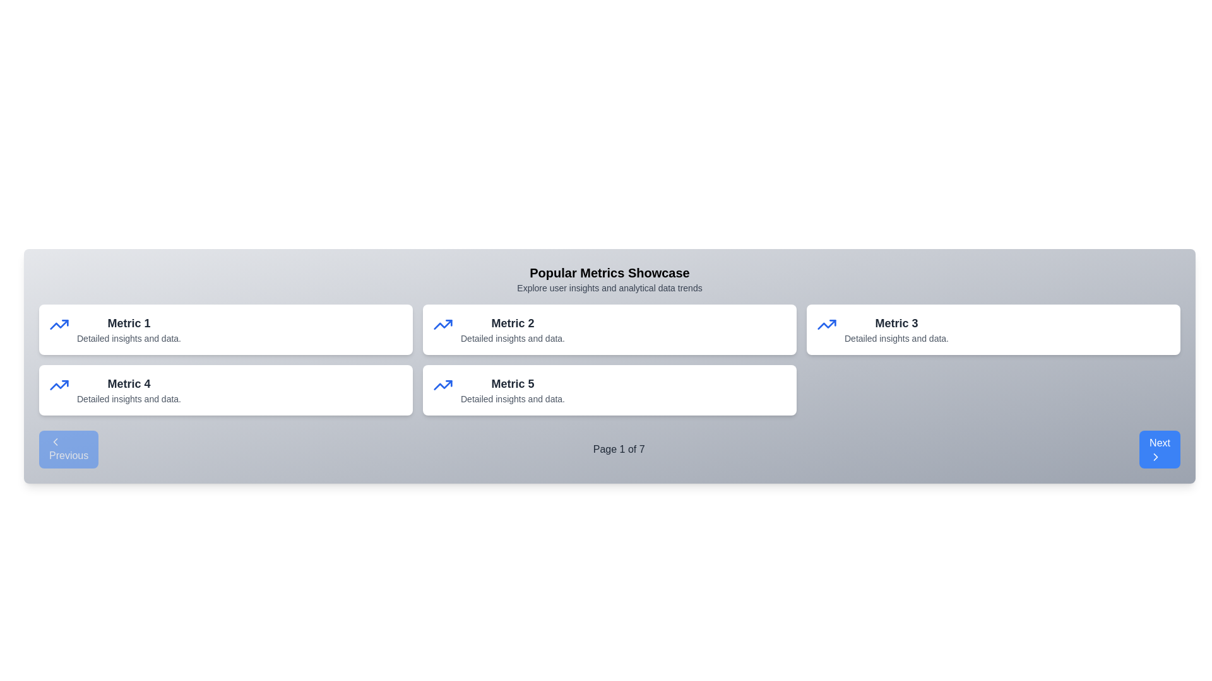  Describe the element at coordinates (609, 272) in the screenshot. I see `the heading text that serves as a title for the section, located at the top center of the viewable panel` at that location.